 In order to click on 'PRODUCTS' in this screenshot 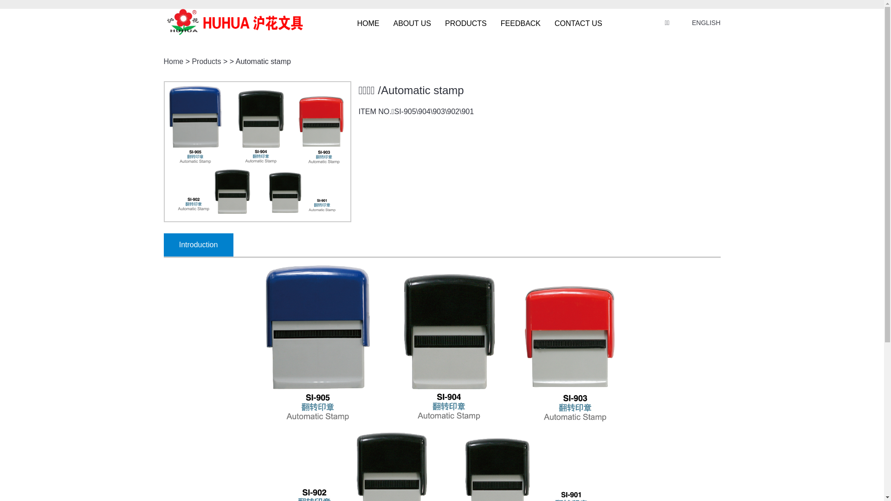, I will do `click(465, 23)`.